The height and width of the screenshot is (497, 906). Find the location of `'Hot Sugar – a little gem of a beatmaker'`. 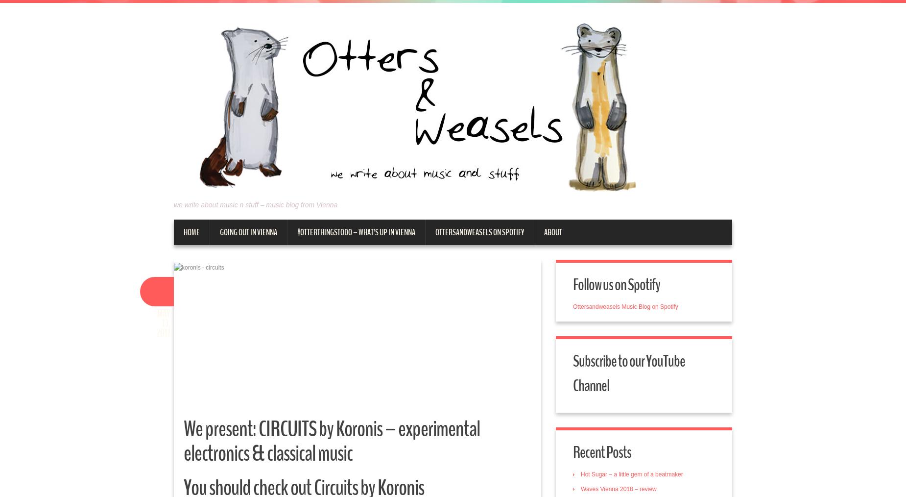

'Hot Sugar – a little gem of a beatmaker' is located at coordinates (580, 474).